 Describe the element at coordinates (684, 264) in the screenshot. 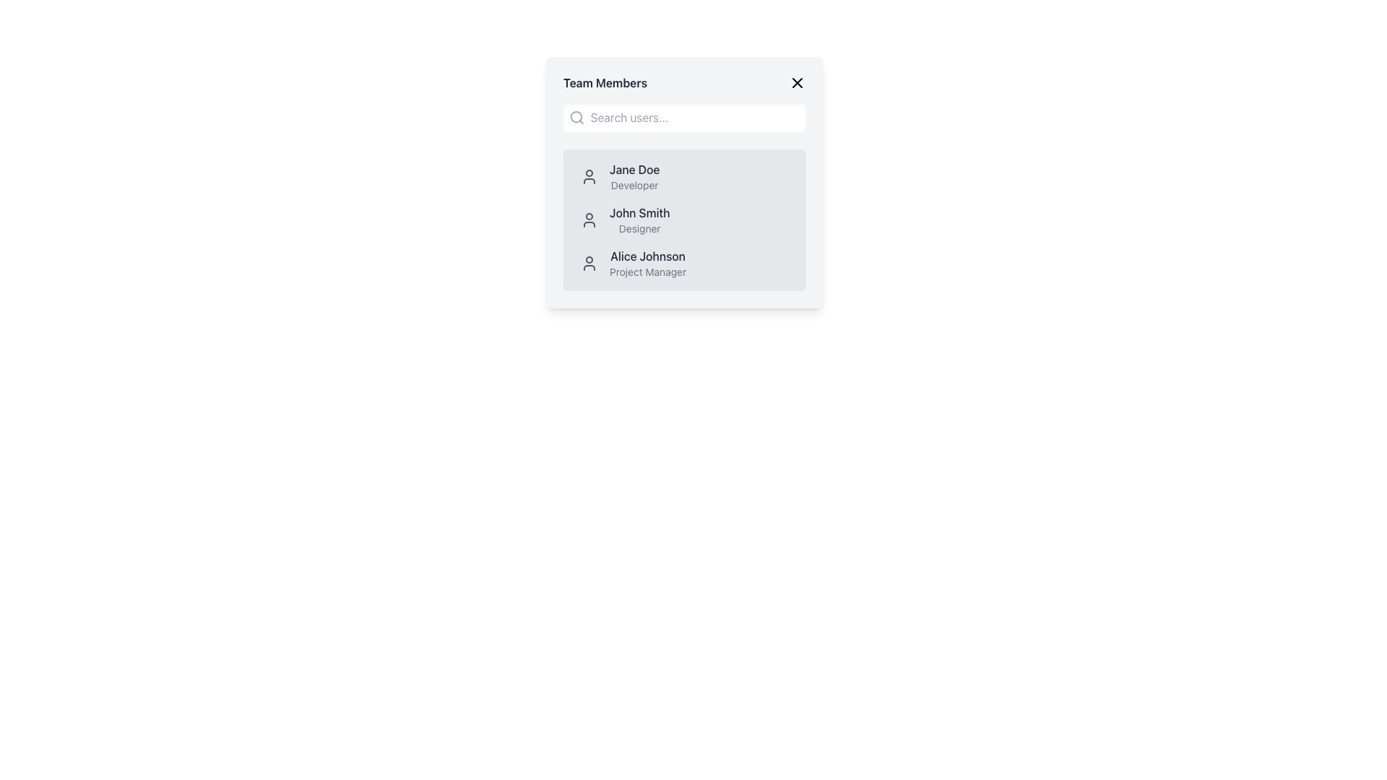

I see `the third list item displaying a team member's information, located between 'John Smith' and other team members` at that location.